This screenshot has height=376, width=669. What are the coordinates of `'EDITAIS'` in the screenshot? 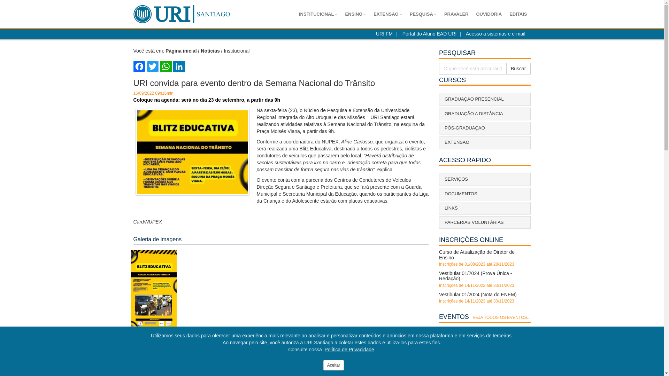 It's located at (518, 14).